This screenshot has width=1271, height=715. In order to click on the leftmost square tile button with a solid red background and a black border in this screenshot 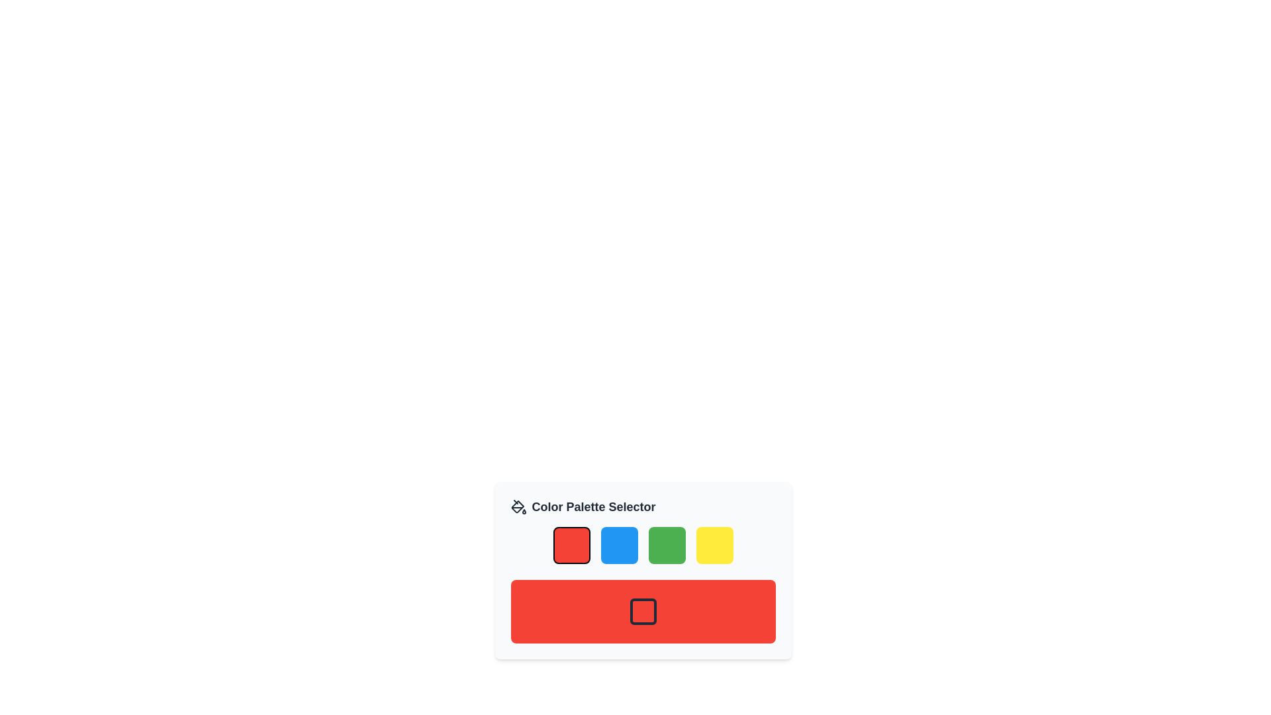, I will do `click(571, 546)`.